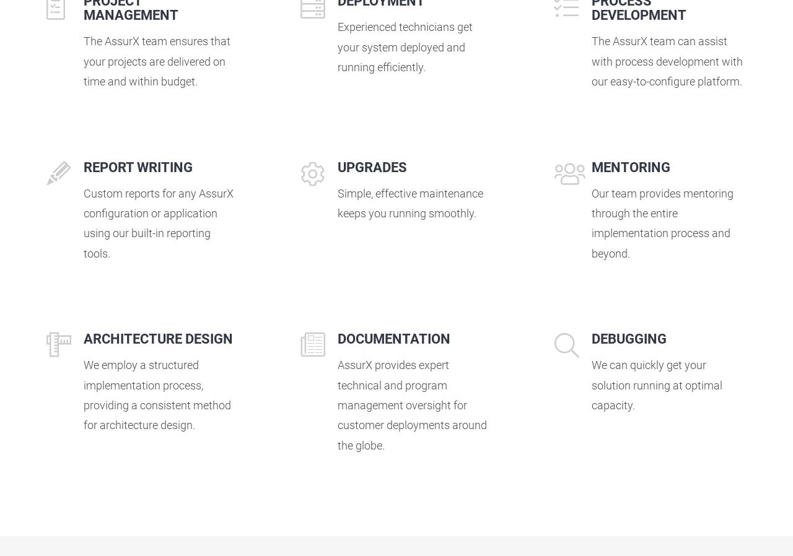  Describe the element at coordinates (666, 60) in the screenshot. I see `'The AssurX team can assist with process development with our easy-to-configure platform.'` at that location.